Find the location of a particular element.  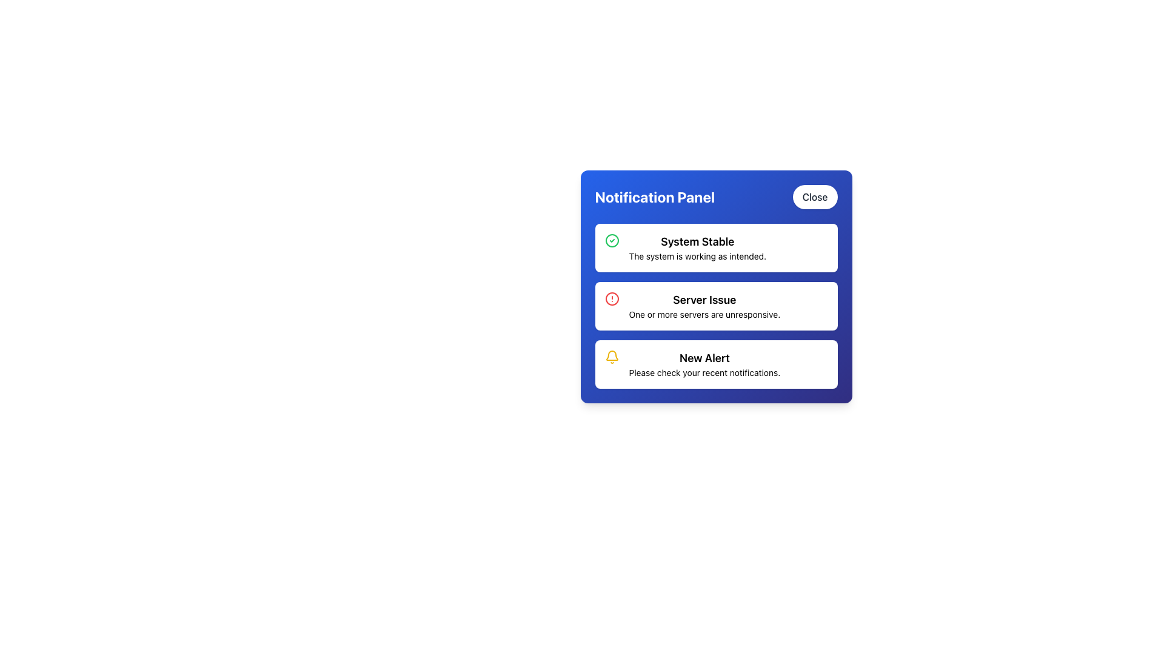

the informational text component that indicates a server issue, which is located in the middle card of the notification panel, between the 'System Stable' card and the 'New Alert' card is located at coordinates (704, 306).